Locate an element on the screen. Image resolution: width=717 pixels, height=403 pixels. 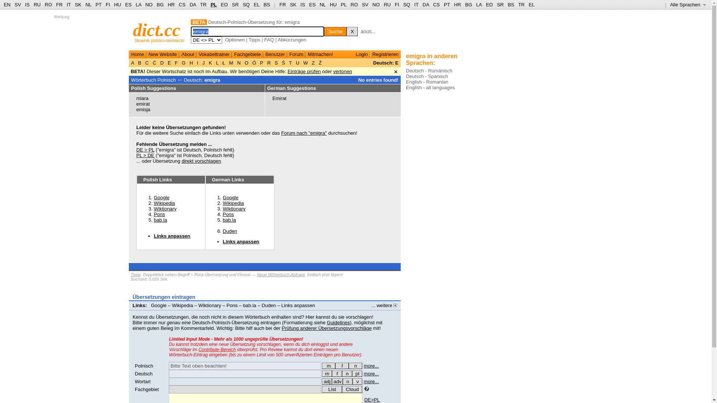
'Contribute-Bereich' is located at coordinates (198, 350).